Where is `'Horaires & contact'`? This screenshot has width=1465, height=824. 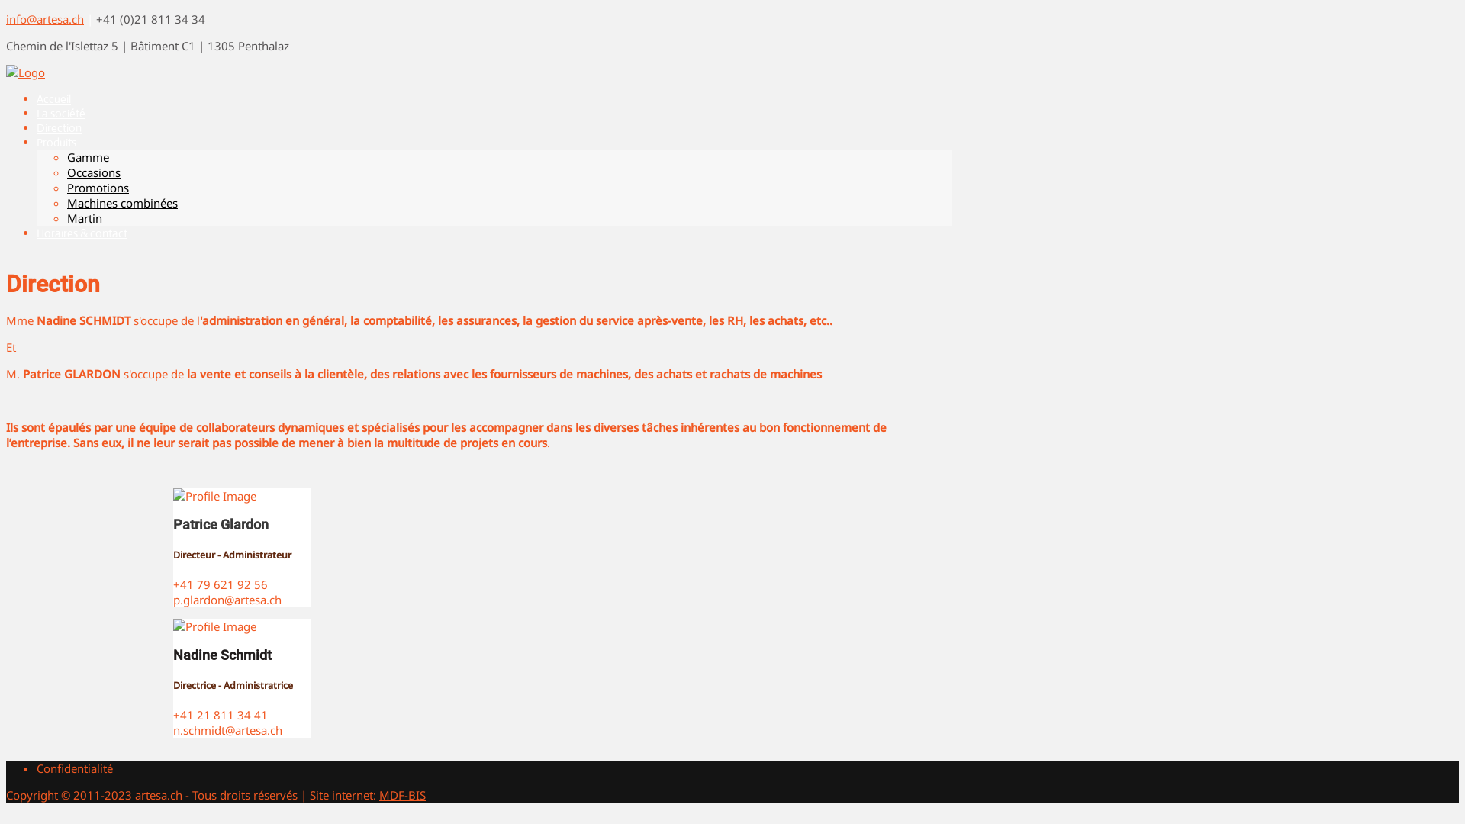 'Horaires & contact' is located at coordinates (81, 233).